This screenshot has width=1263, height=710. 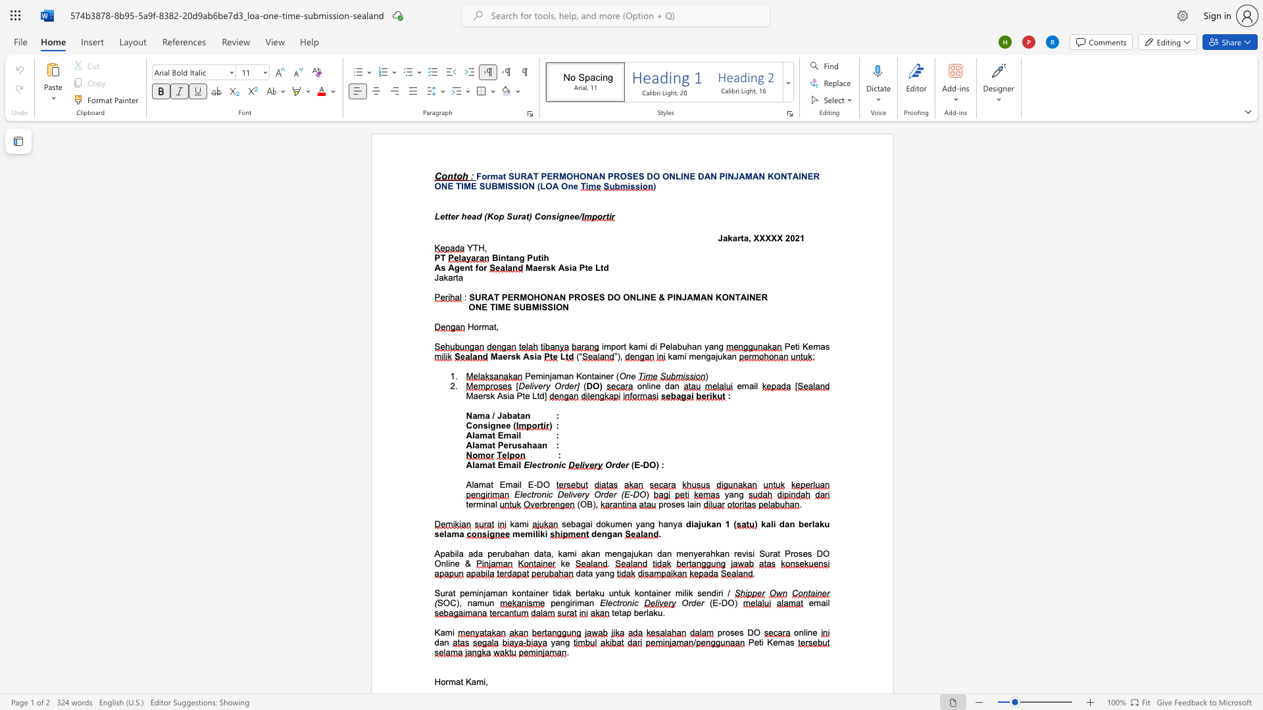 I want to click on the subset text "Peminjaman Kontain" within the text "Peminjaman Kontainer", so click(x=524, y=376).